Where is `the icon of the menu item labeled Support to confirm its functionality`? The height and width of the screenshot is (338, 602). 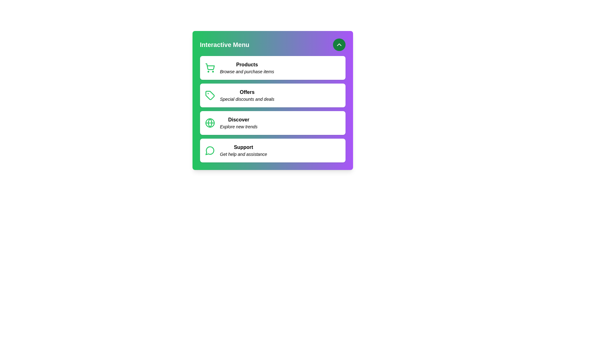
the icon of the menu item labeled Support to confirm its functionality is located at coordinates (210, 151).